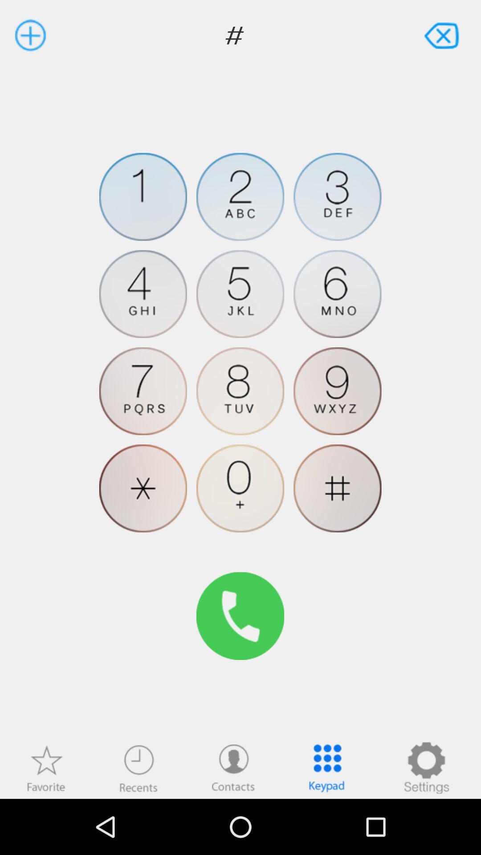 The width and height of the screenshot is (481, 855). I want to click on settings option, so click(426, 767).